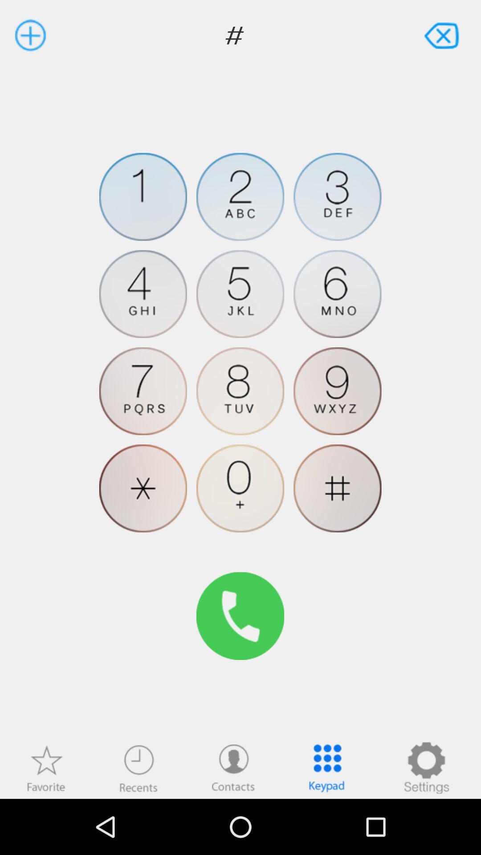 The width and height of the screenshot is (481, 855). I want to click on settings option, so click(426, 767).